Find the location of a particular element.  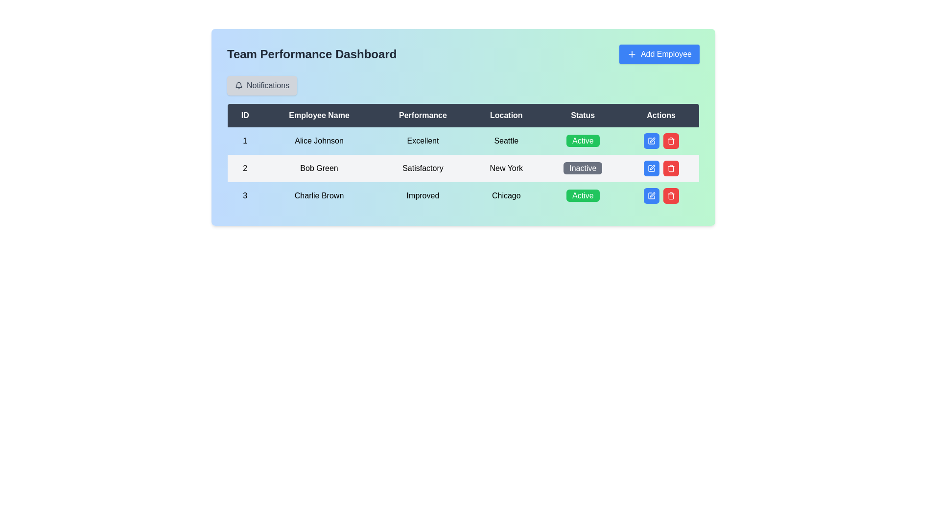

the 'Notifications' button, which is a rectangular button with a bell icon and dark gray text is located at coordinates (262, 85).